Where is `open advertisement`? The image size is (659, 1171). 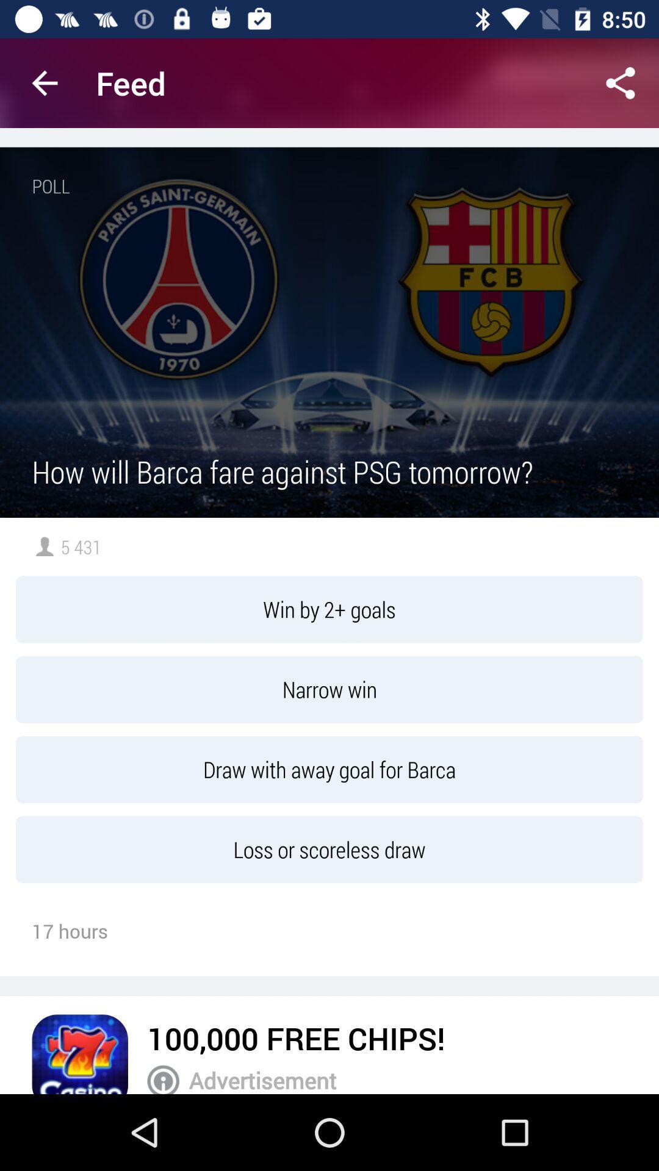 open advertisement is located at coordinates (162, 1080).